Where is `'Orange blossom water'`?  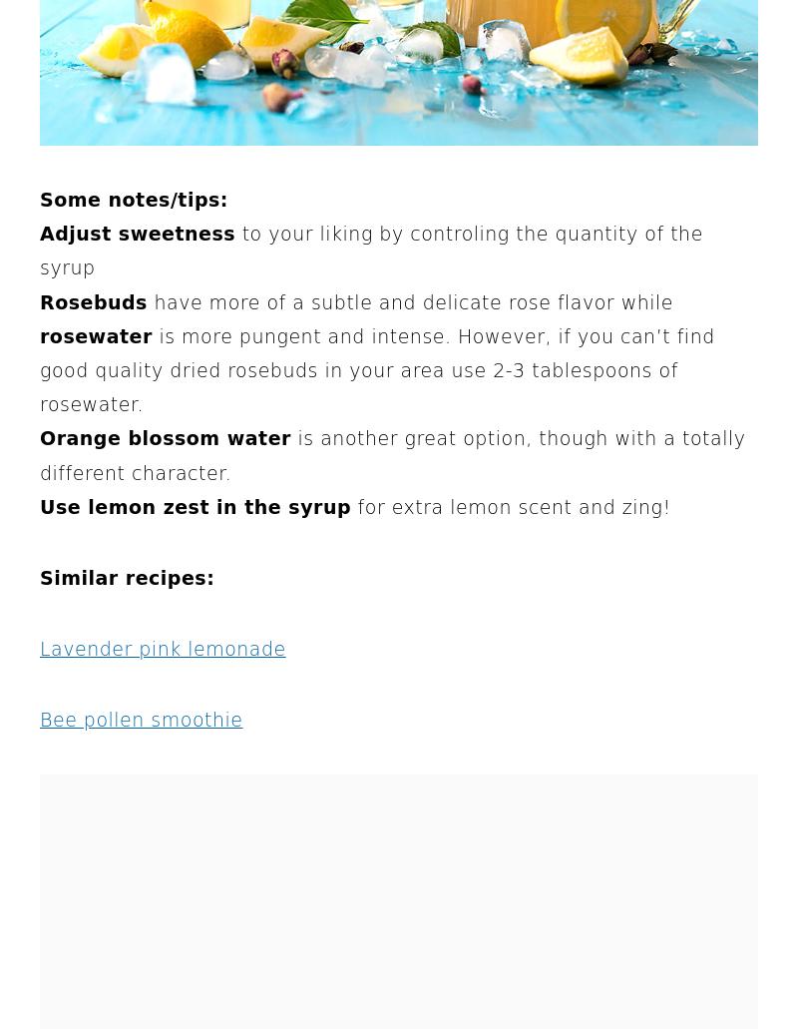
'Orange blossom water' is located at coordinates (39, 437).